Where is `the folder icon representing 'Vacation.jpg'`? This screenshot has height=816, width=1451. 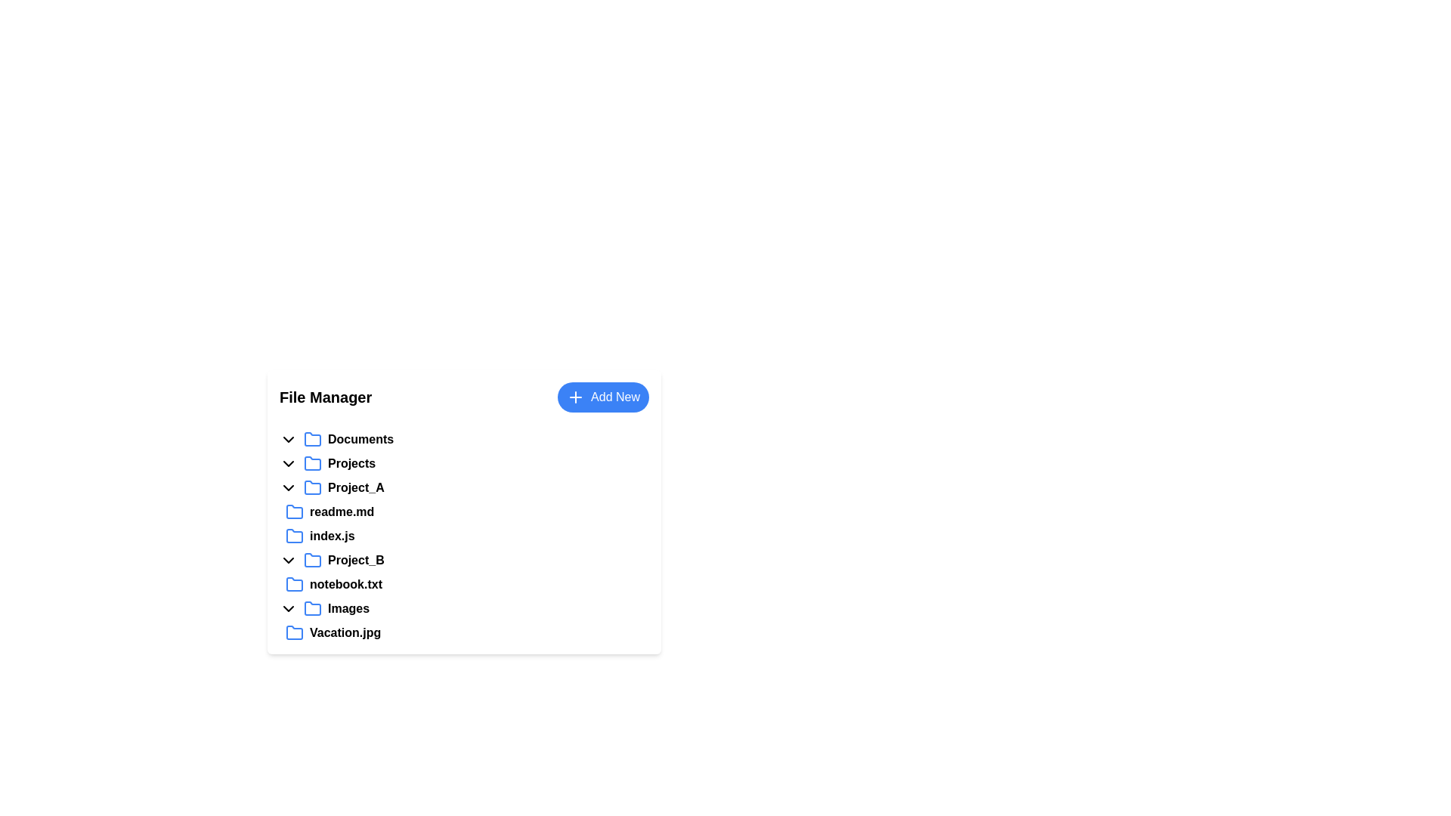
the folder icon representing 'Vacation.jpg' is located at coordinates (294, 632).